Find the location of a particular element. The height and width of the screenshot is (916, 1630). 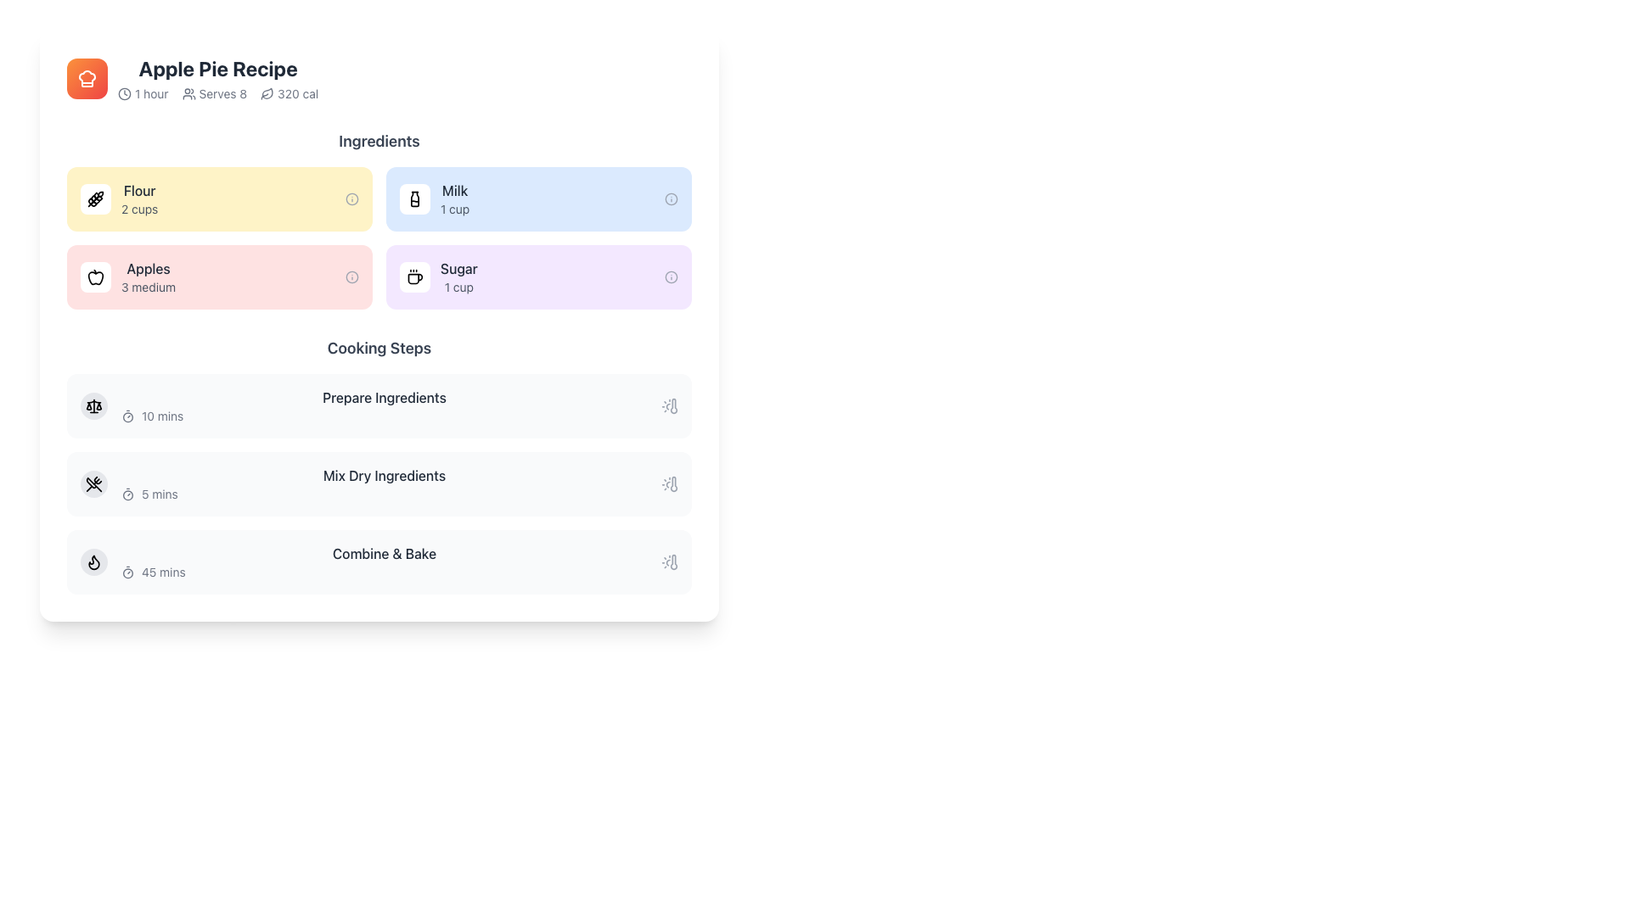

the icon of the Label that shows the duration associated with the cooking step, located below the title 'Combine & Bake' is located at coordinates (383, 572).